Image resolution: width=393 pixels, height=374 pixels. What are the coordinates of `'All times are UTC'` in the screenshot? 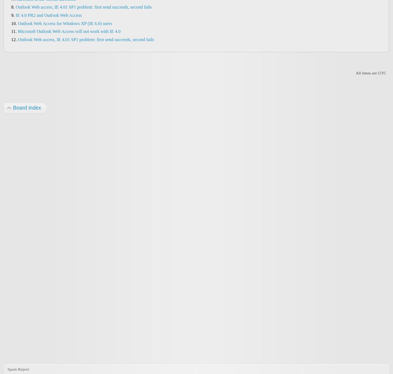 It's located at (371, 72).